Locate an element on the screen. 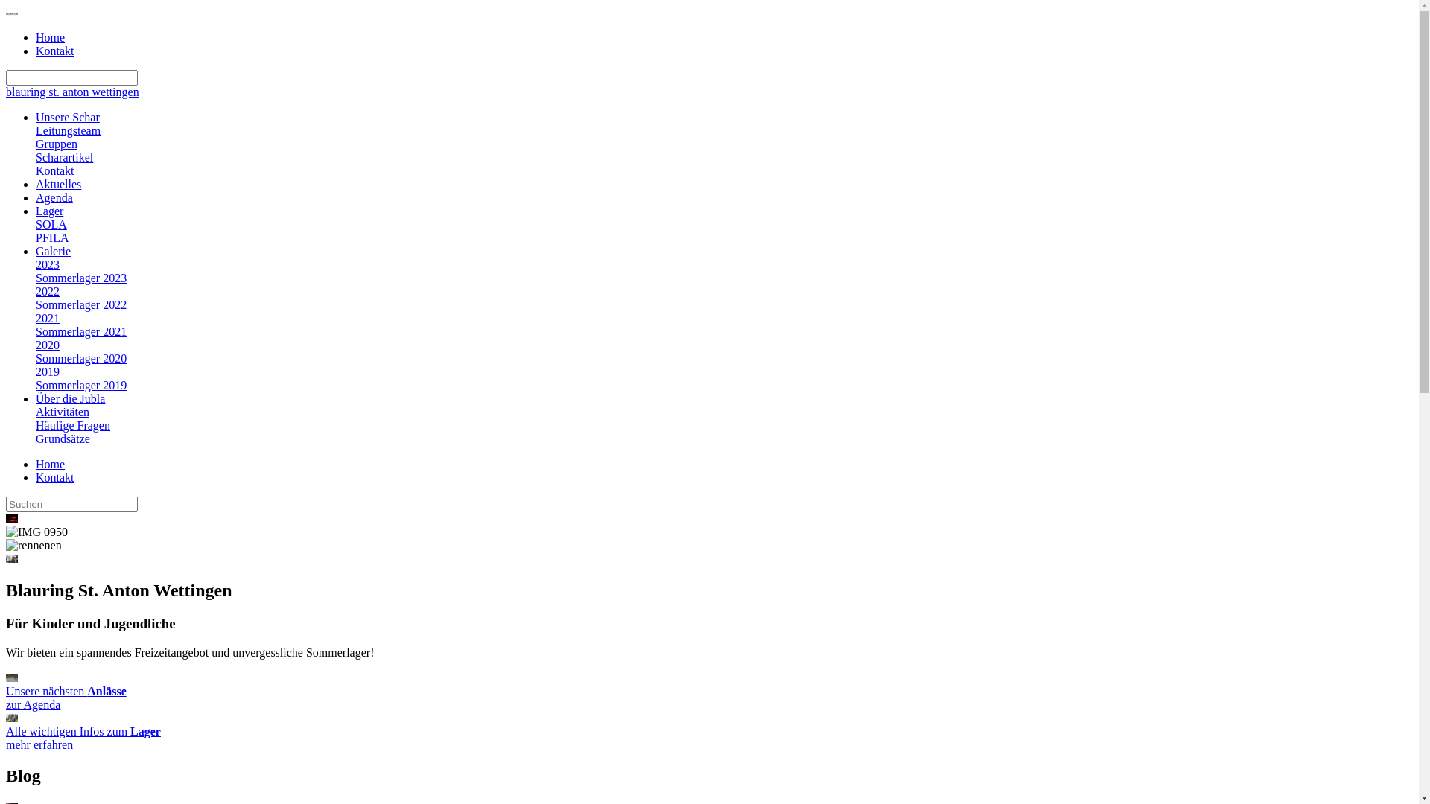 The image size is (1430, 804). '2021' is located at coordinates (47, 317).